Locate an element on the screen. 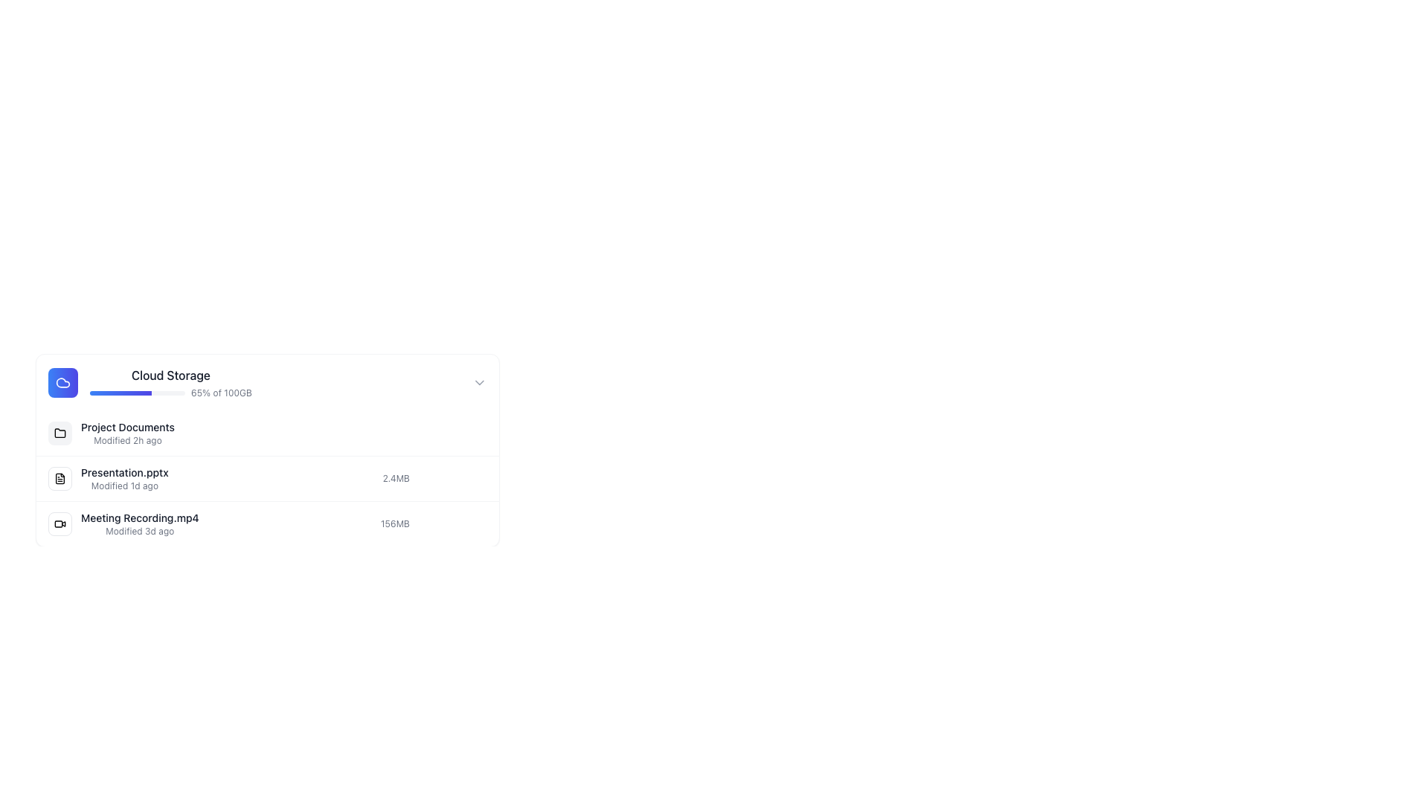 This screenshot has width=1428, height=803. the storage progress bar is located at coordinates (93, 392).